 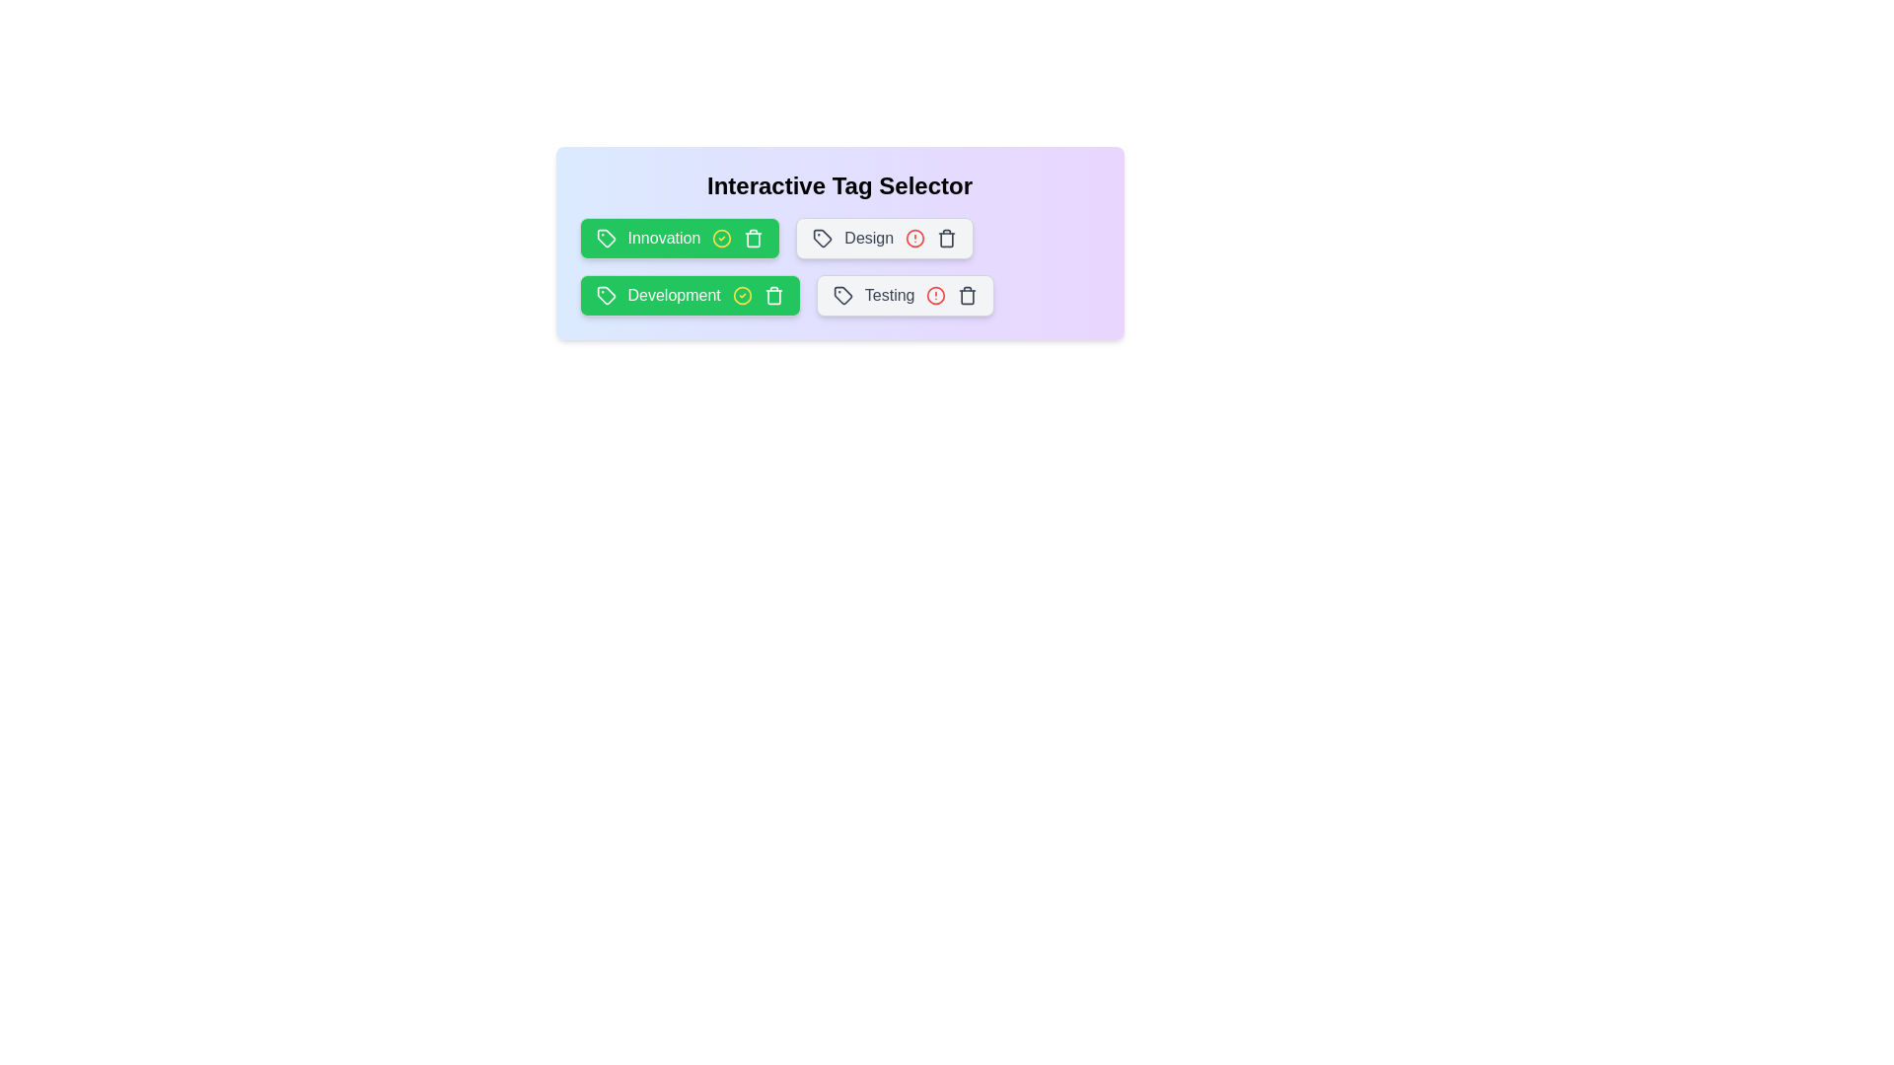 What do you see at coordinates (947, 238) in the screenshot?
I see `the delete button for the tag labeled Design` at bounding box center [947, 238].